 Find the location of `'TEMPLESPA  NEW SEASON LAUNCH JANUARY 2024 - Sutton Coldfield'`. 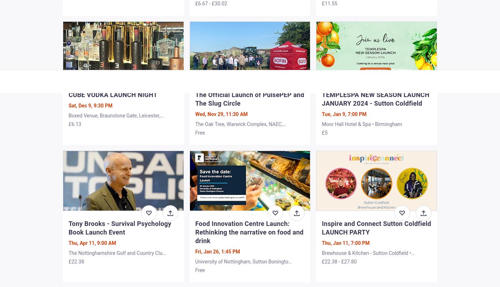

'TEMPLESPA  NEW SEASON LAUNCH JANUARY 2024 - Sutton Coldfield' is located at coordinates (375, 98).